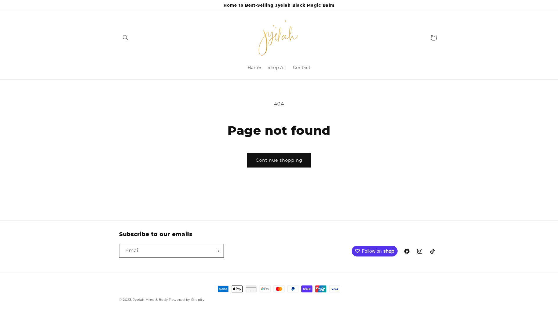 This screenshot has height=313, width=558. Describe the element at coordinates (279, 160) in the screenshot. I see `'Continue shopping'` at that location.